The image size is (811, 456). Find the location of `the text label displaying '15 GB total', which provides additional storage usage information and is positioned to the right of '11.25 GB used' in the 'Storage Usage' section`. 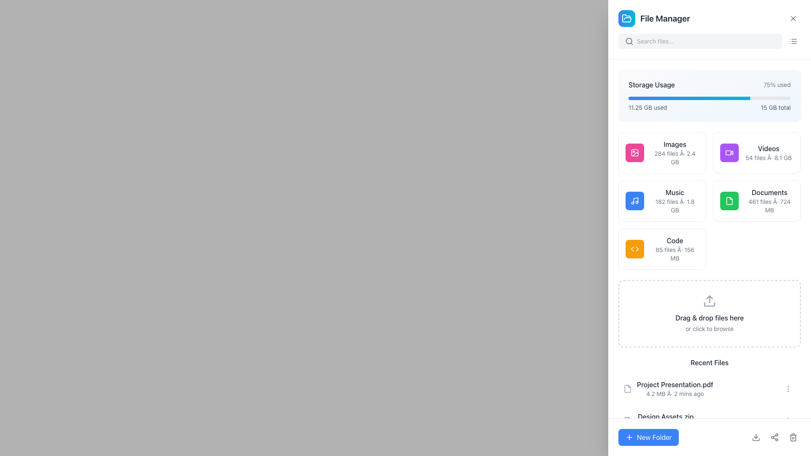

the text label displaying '15 GB total', which provides additional storage usage information and is positioned to the right of '11.25 GB used' in the 'Storage Usage' section is located at coordinates (776, 107).